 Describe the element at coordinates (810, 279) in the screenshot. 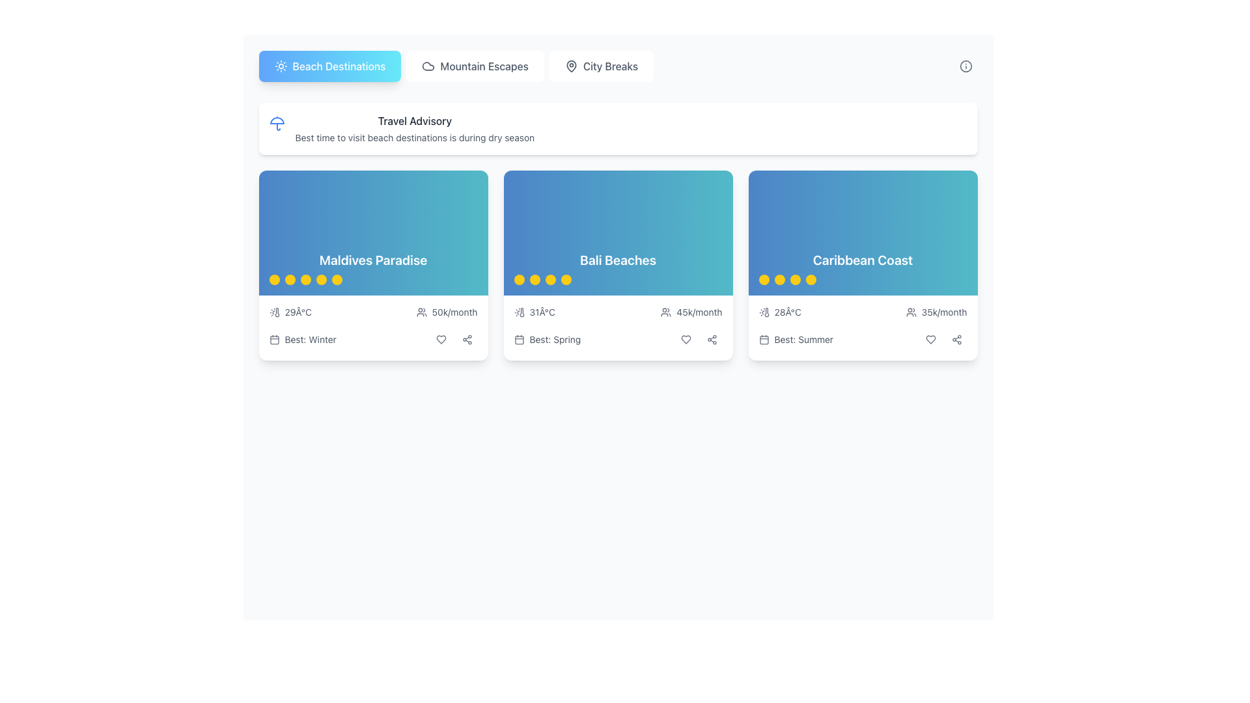

I see `the fourth circular yellow icon in the 'Caribbean Coast' section` at that location.